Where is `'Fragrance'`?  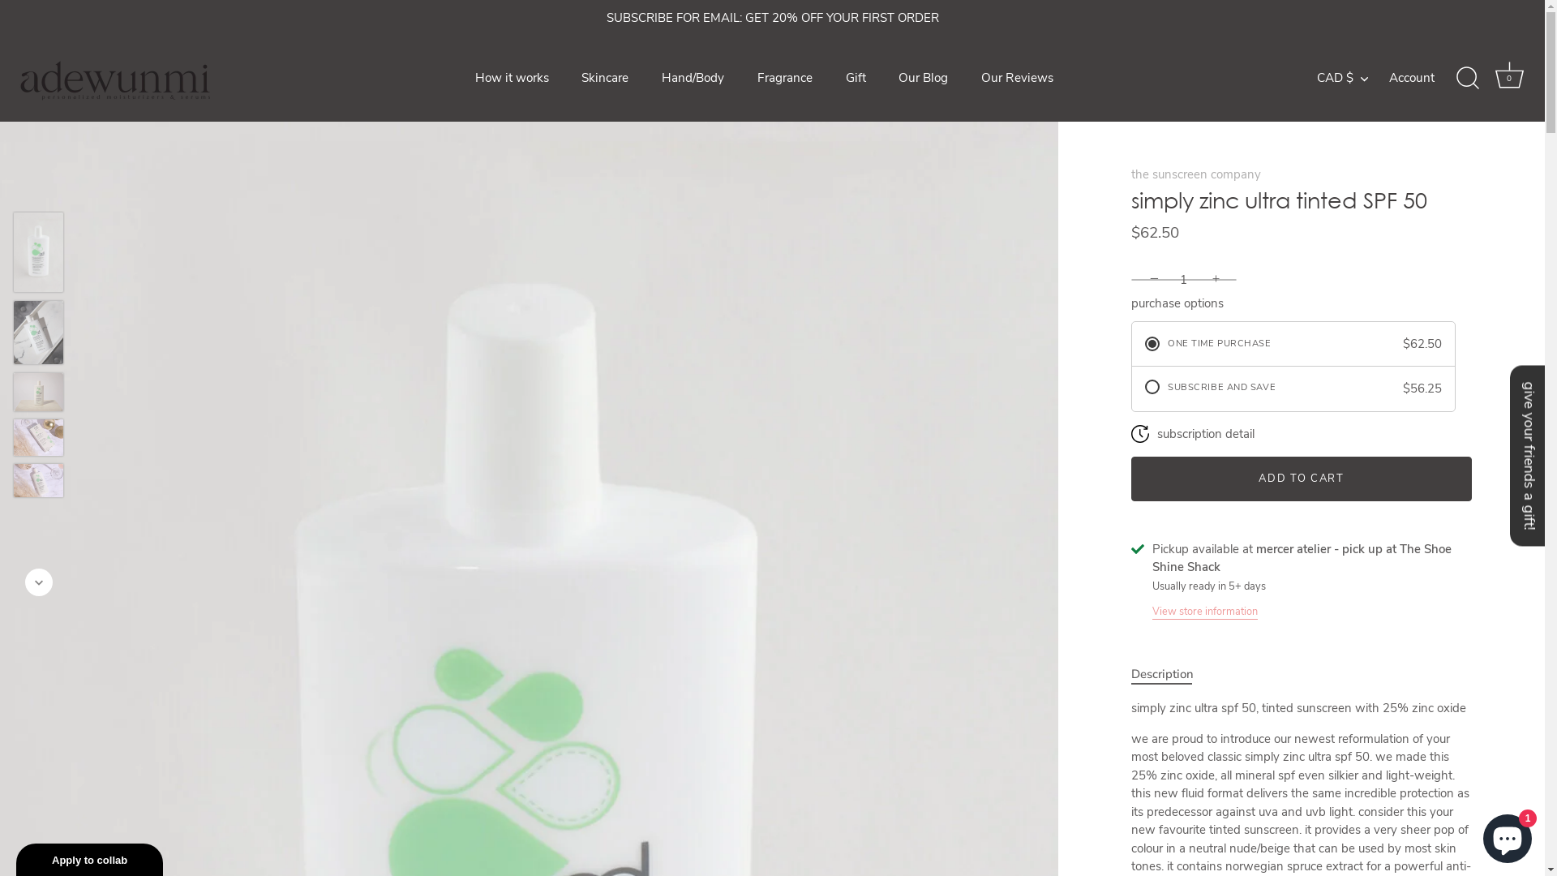
'Fragrance' is located at coordinates (785, 78).